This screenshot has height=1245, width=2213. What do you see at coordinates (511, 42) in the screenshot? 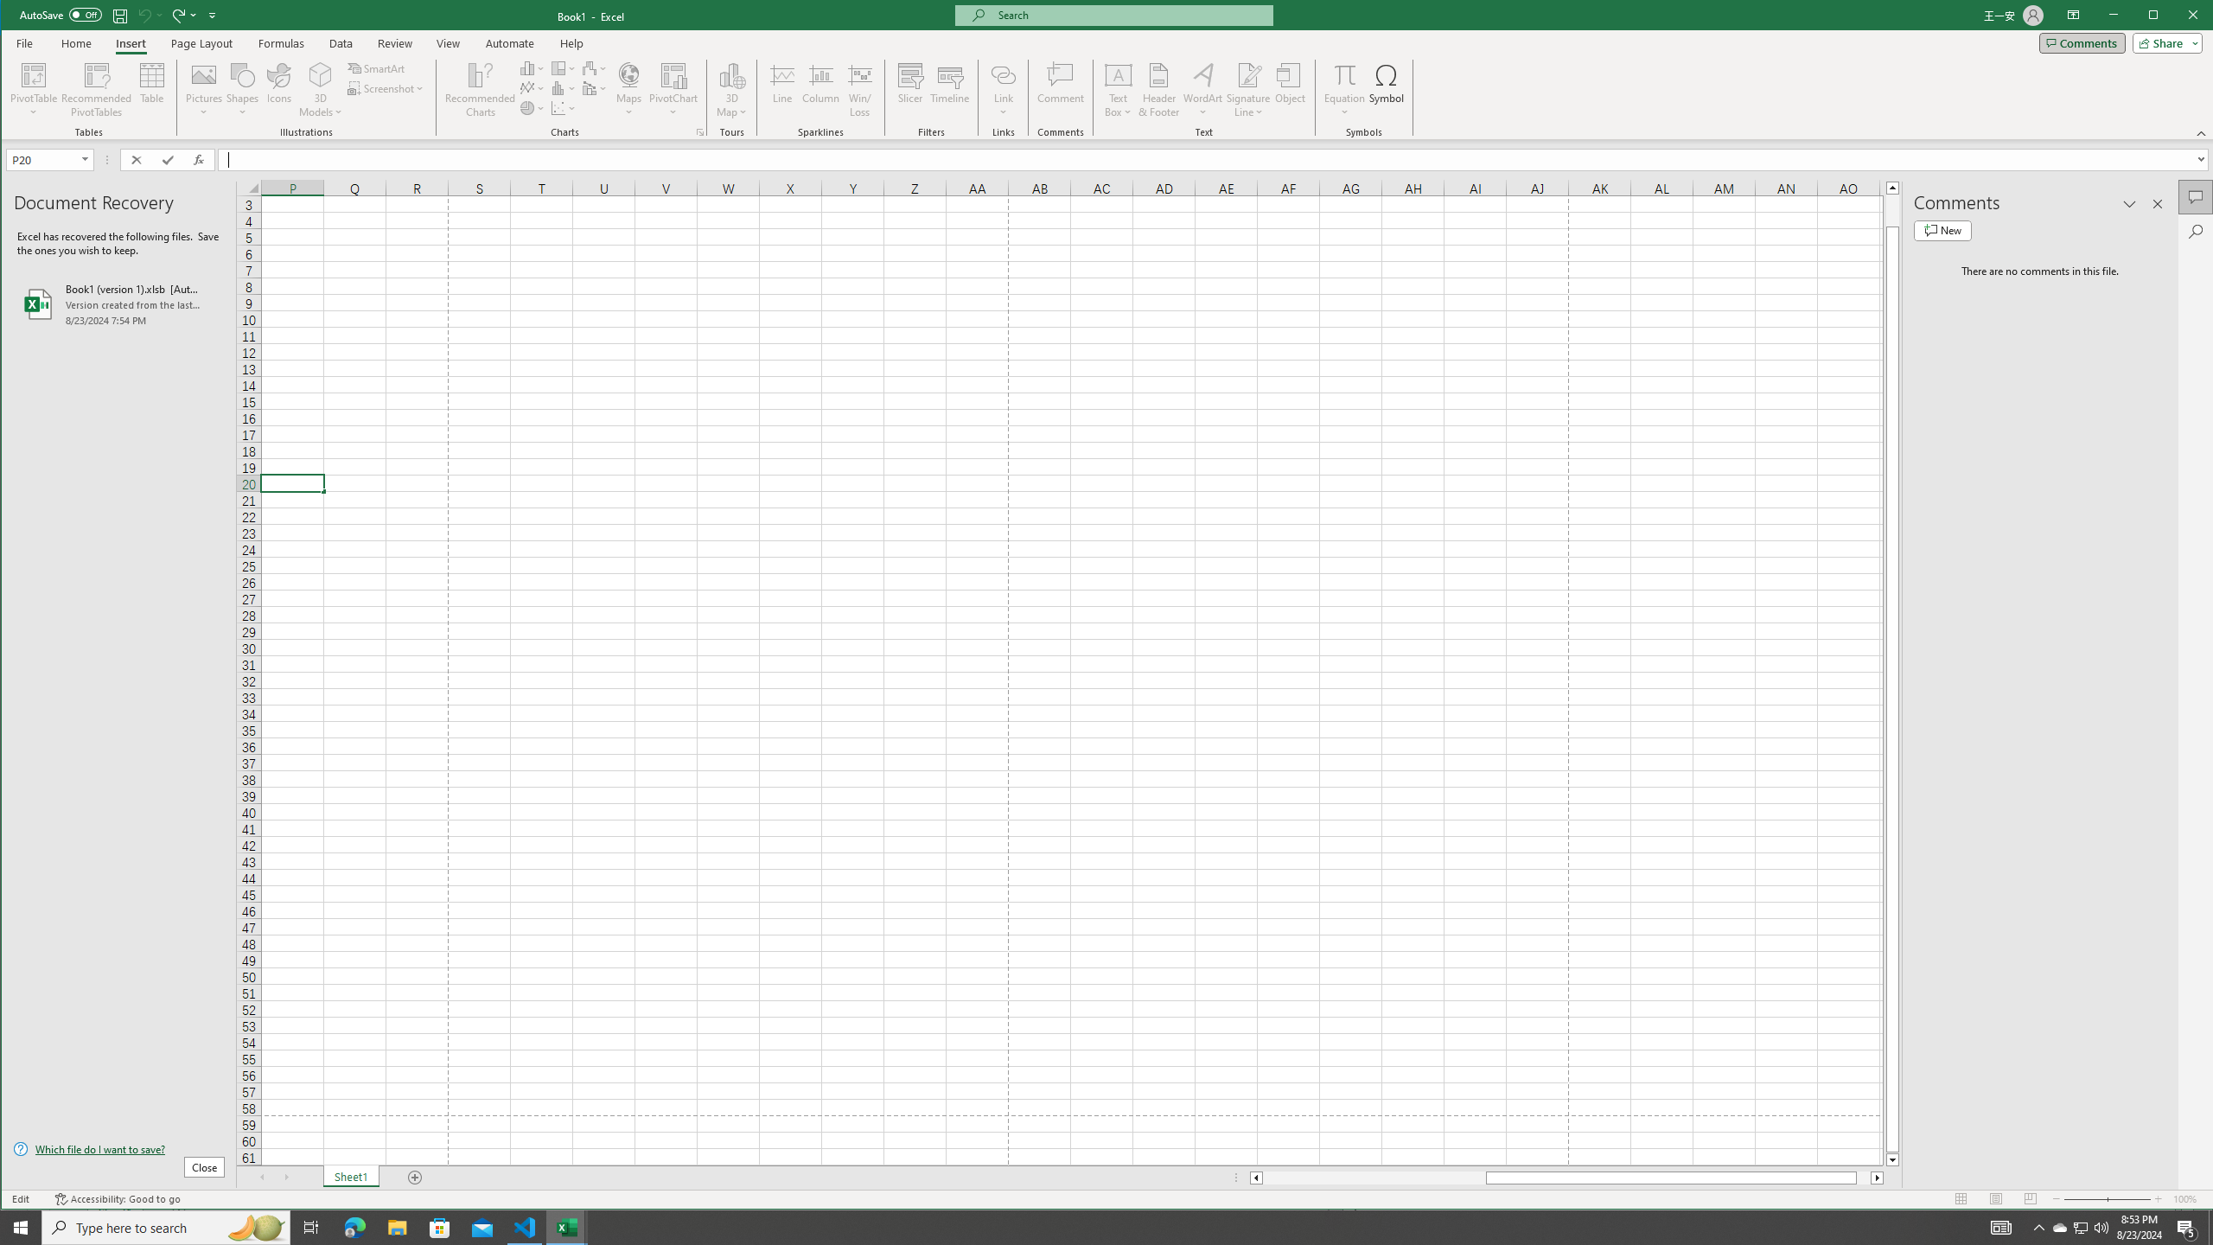
I see `'Automate'` at bounding box center [511, 42].